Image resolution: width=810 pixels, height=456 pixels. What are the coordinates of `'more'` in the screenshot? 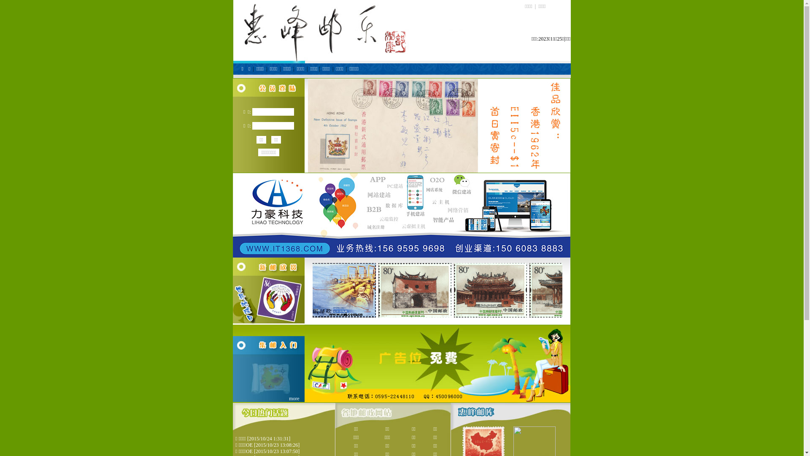 It's located at (294, 399).